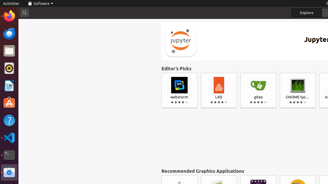 The width and height of the screenshot is (328, 184). I want to click on 'GNOME System Monitor', so click(298, 90).